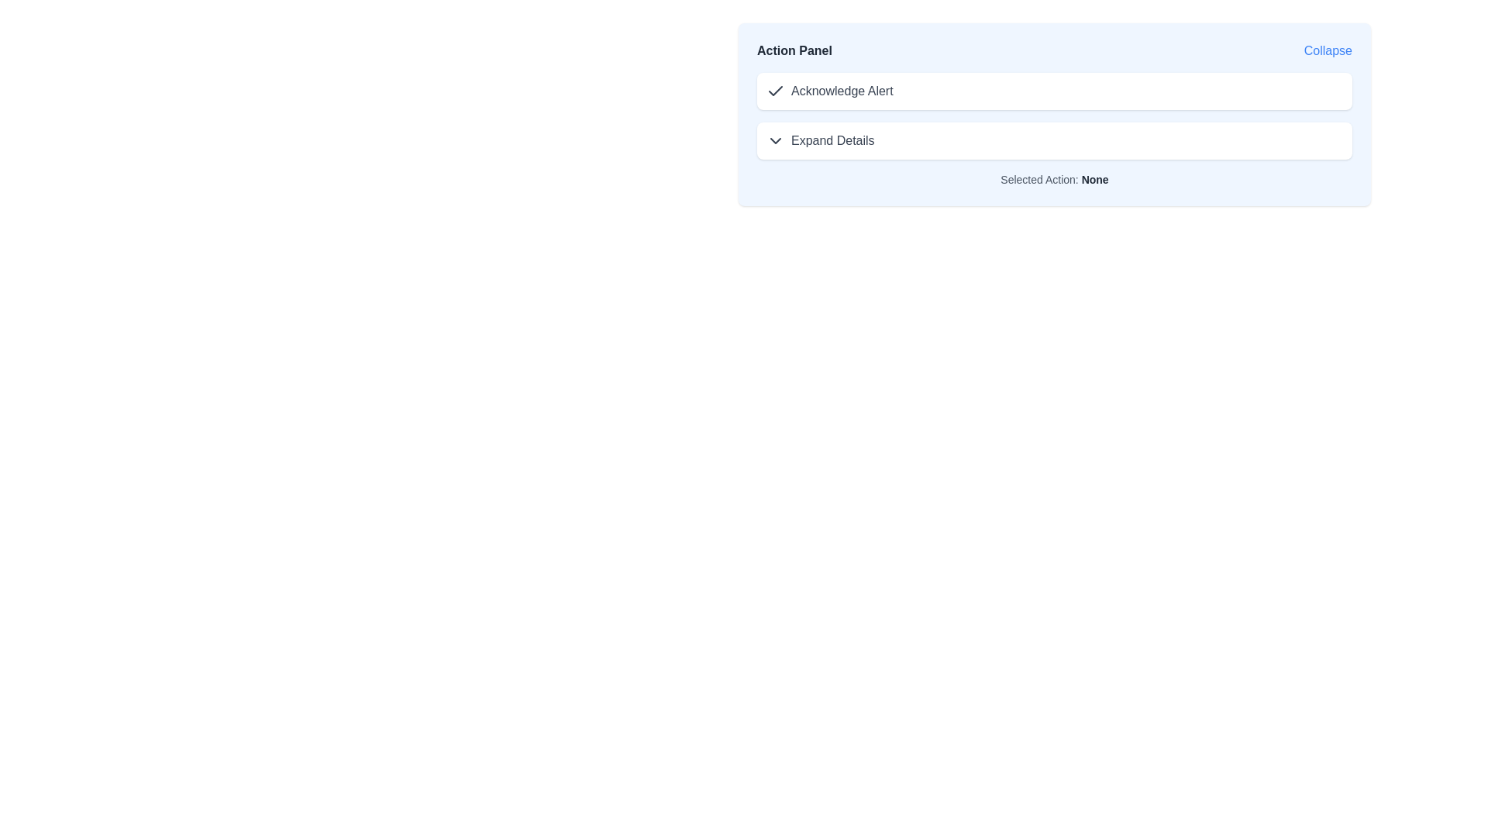 Image resolution: width=1488 pixels, height=837 pixels. What do you see at coordinates (1094, 178) in the screenshot?
I see `text label displaying the current selected action, which indicates 'None' and is positioned to the right of the label 'Selected Action:' in the Action Panel interface` at bounding box center [1094, 178].